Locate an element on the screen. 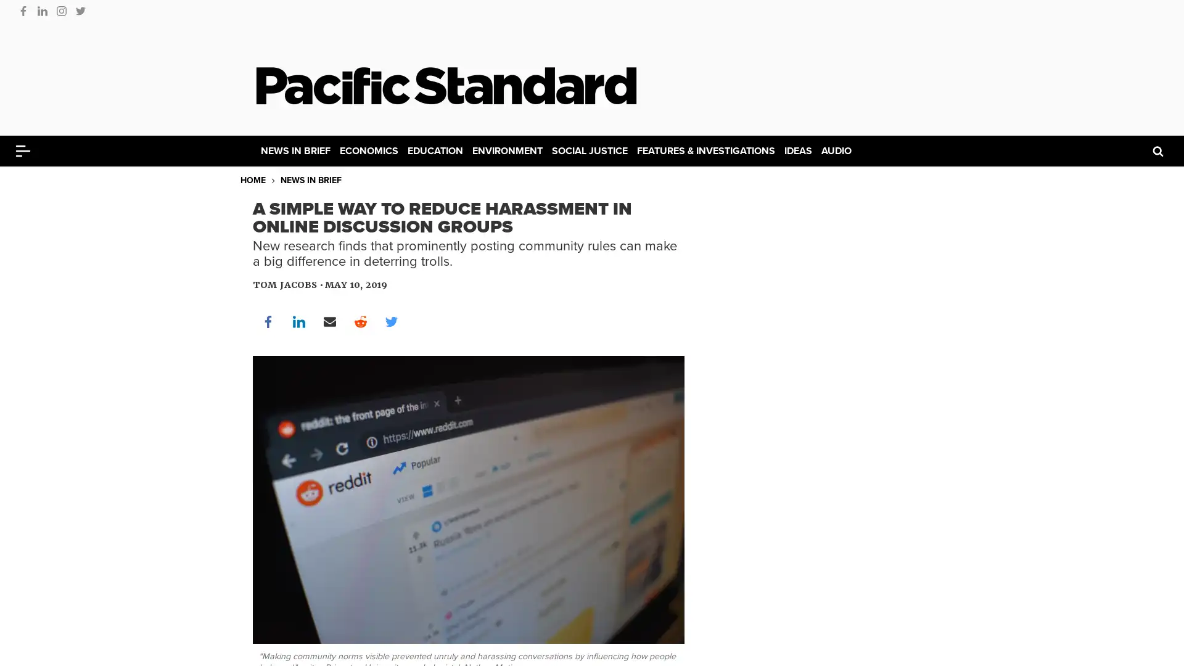 Image resolution: width=1184 pixels, height=666 pixels. Menu is located at coordinates (23, 150).